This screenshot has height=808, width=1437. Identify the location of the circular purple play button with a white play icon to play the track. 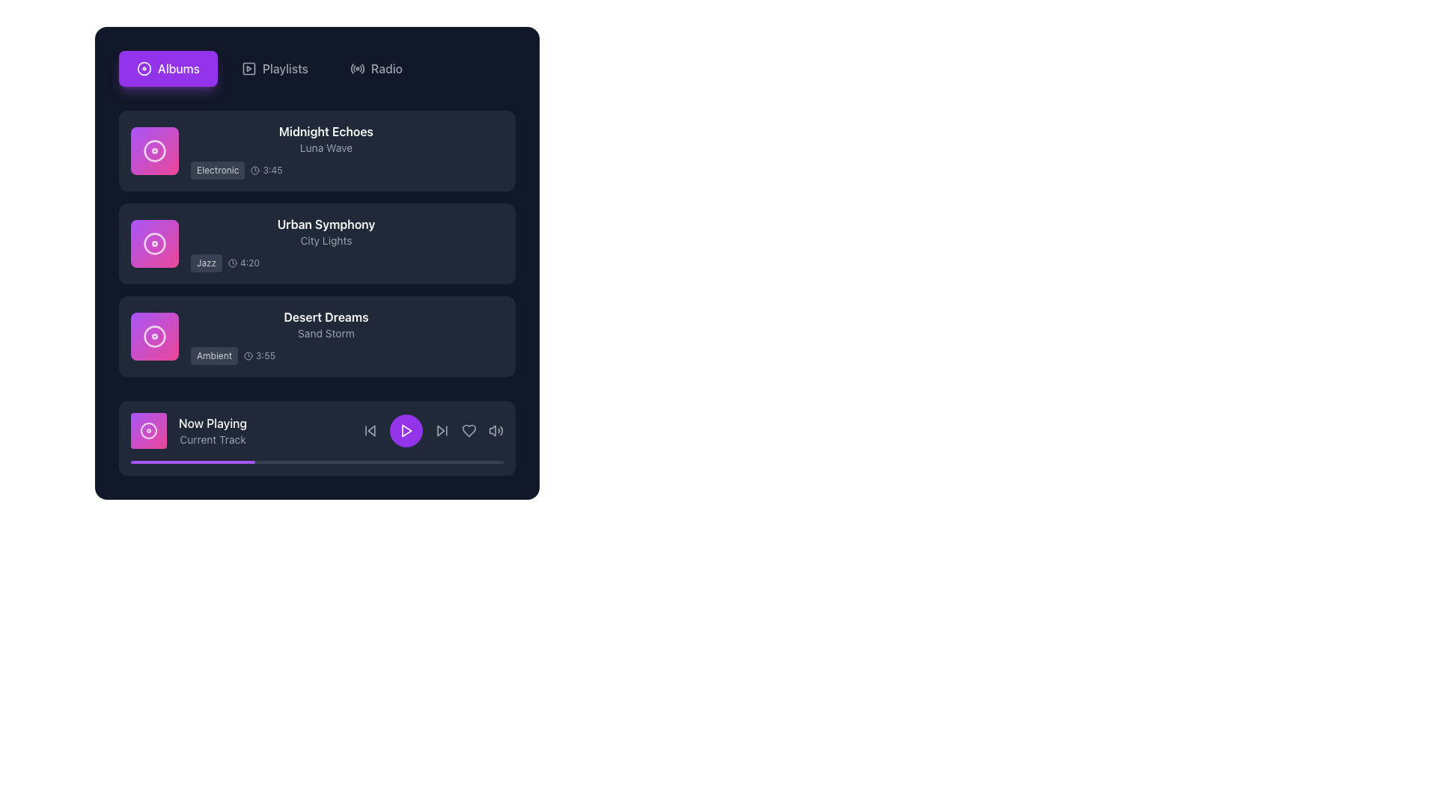
(406, 430).